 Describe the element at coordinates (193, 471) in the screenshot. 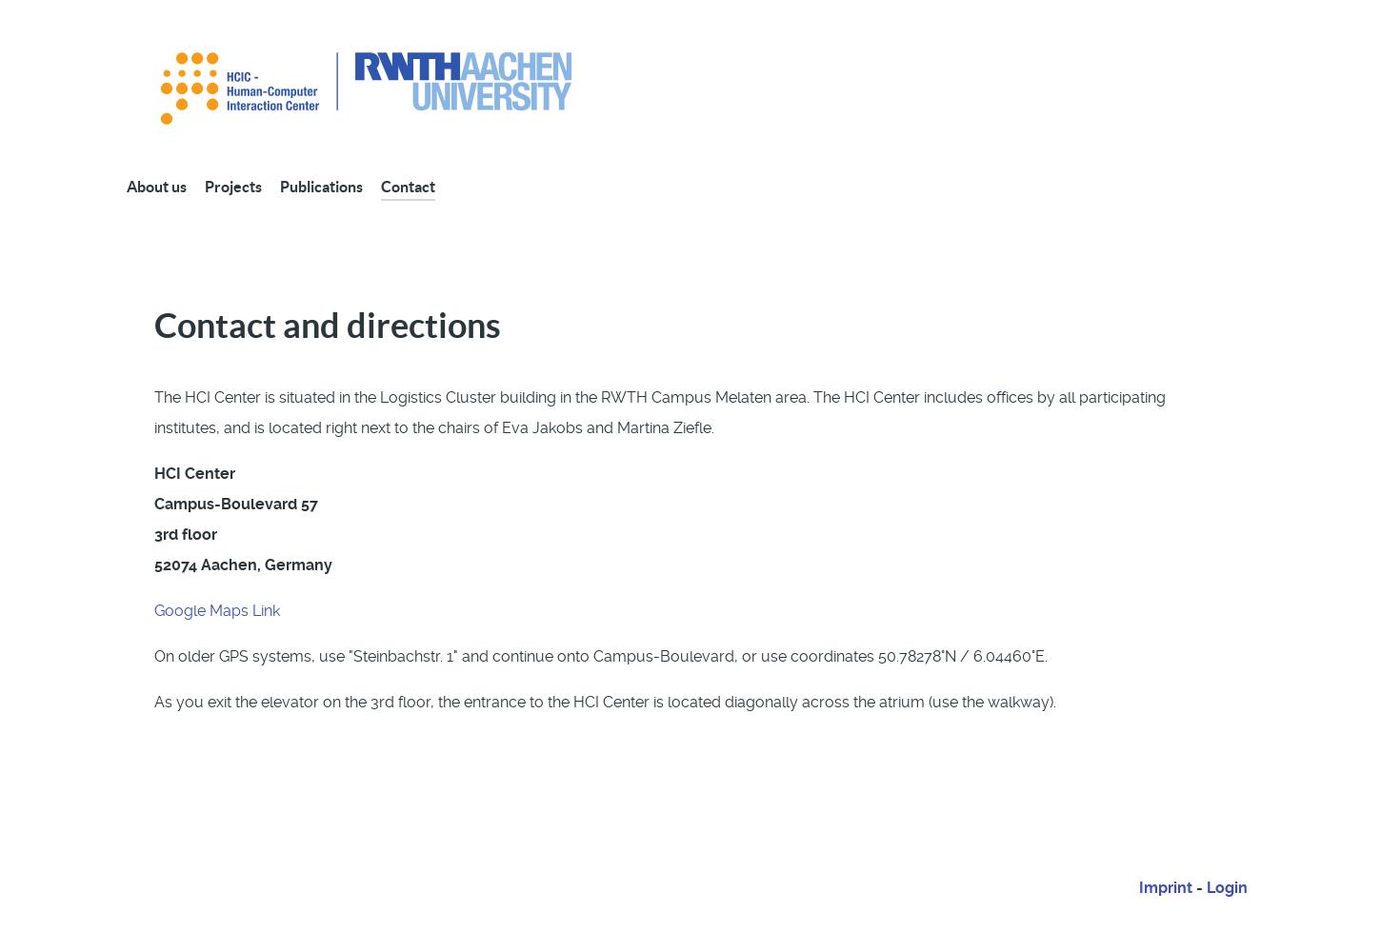

I see `'HCI Center'` at that location.